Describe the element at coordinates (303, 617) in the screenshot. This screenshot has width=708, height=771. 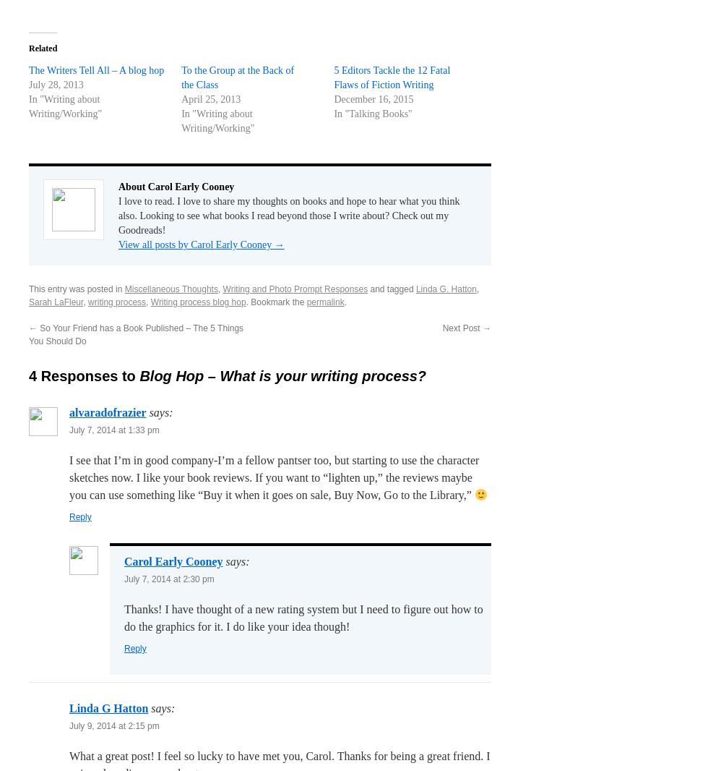
I see `'Thanks!  I have thought of a new rating system but I need to figure out how to do the graphics for it.  I do like your idea though!'` at that location.